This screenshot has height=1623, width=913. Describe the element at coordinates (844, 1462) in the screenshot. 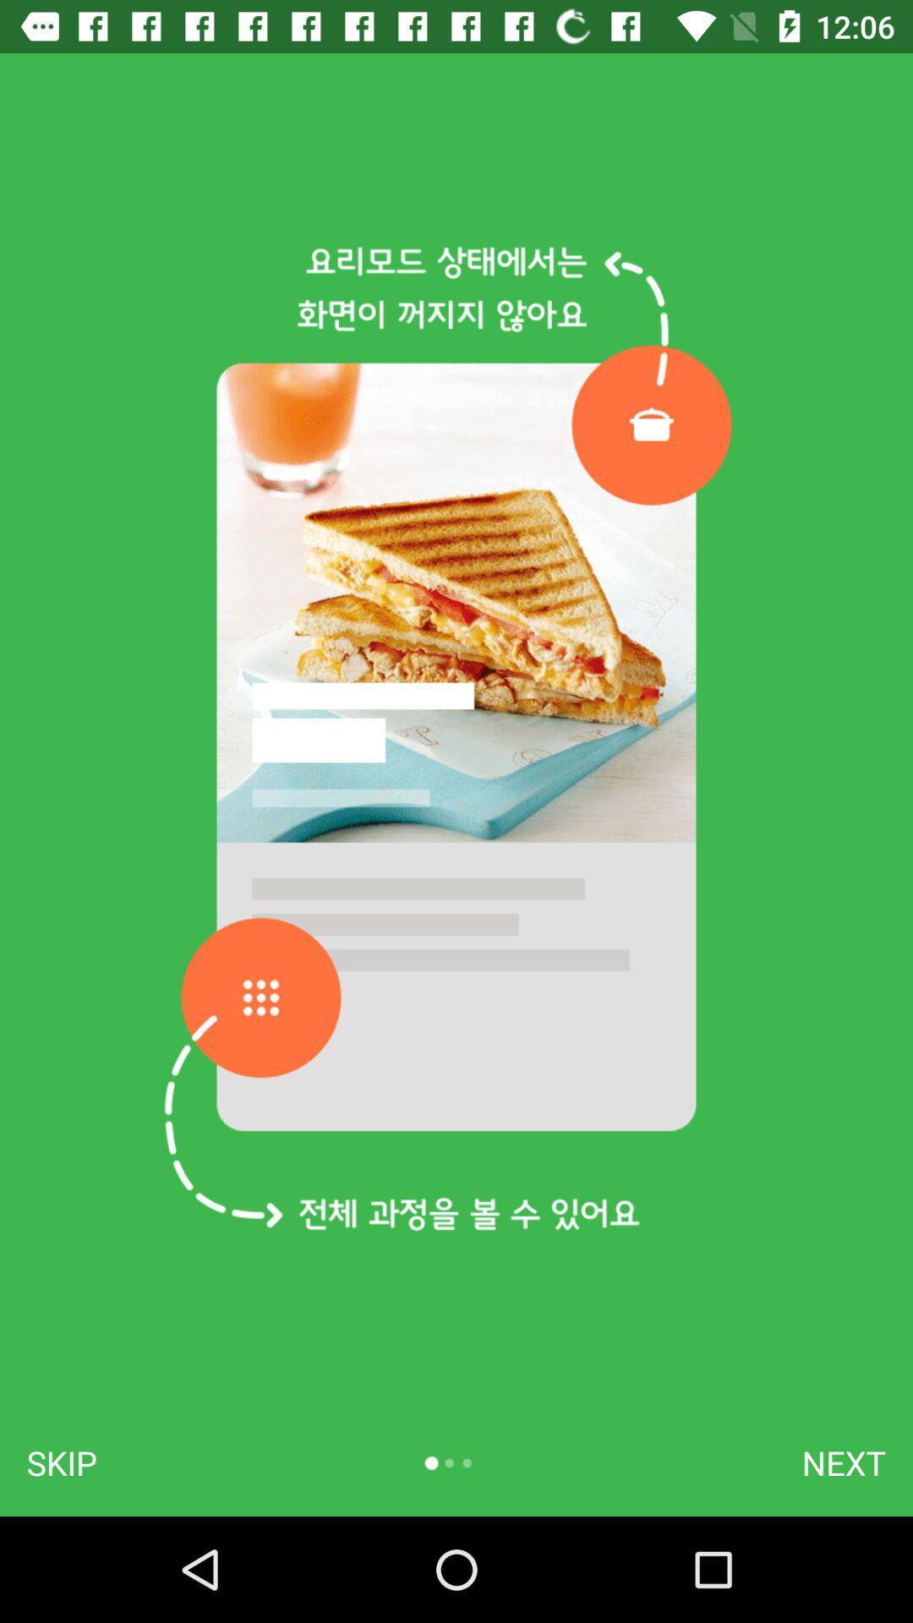

I see `the next item` at that location.